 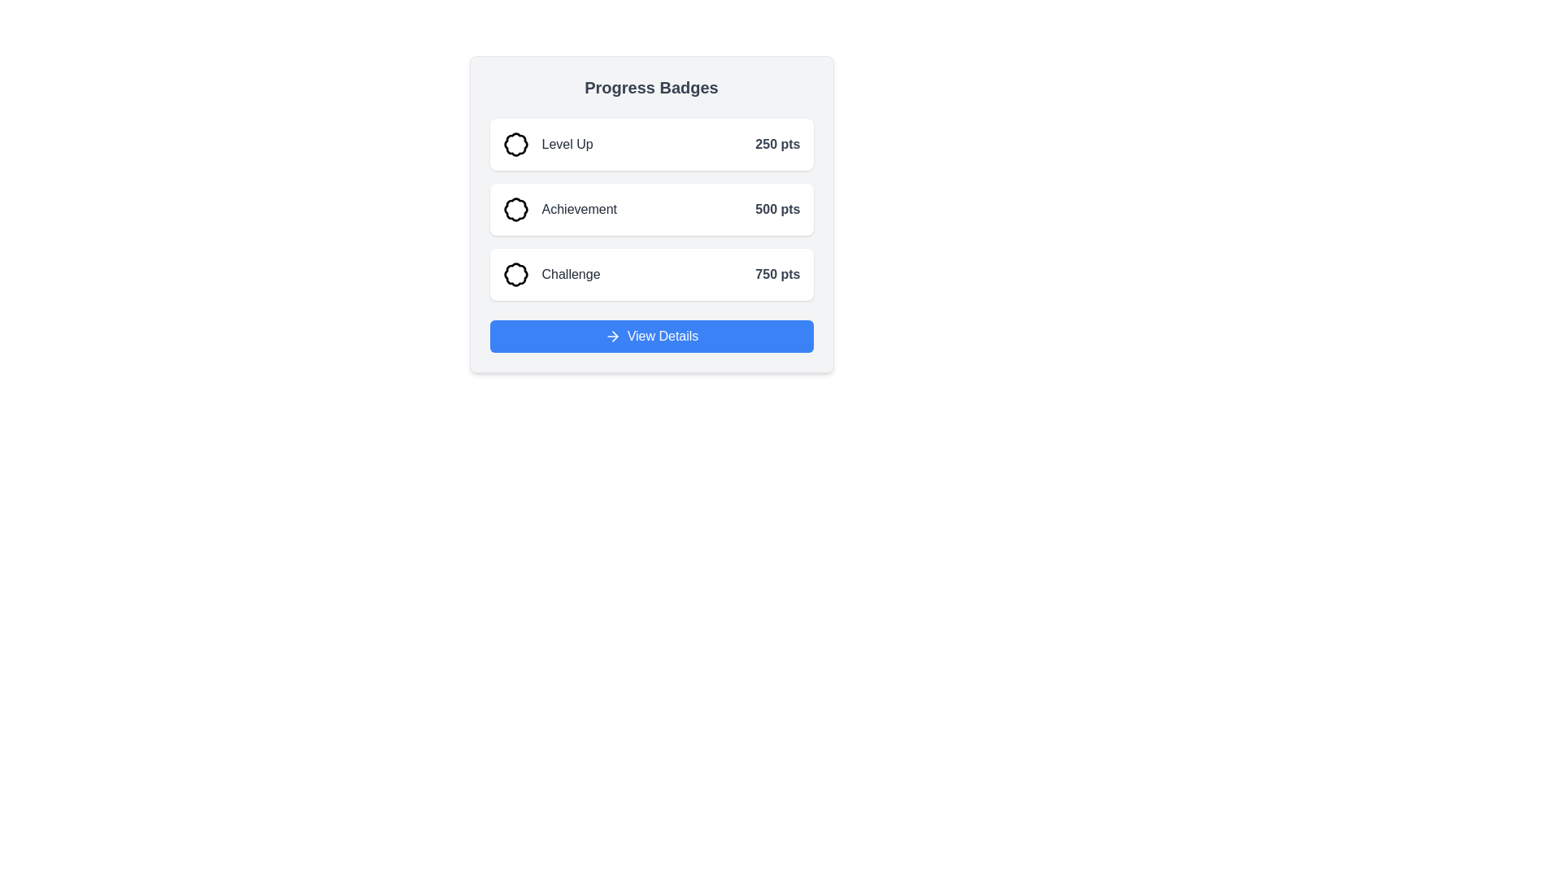 I want to click on the Card component with the title 'Level Up' and the numeric value '250 pts', which is the first element in a list of similar cards, so click(x=651, y=143).